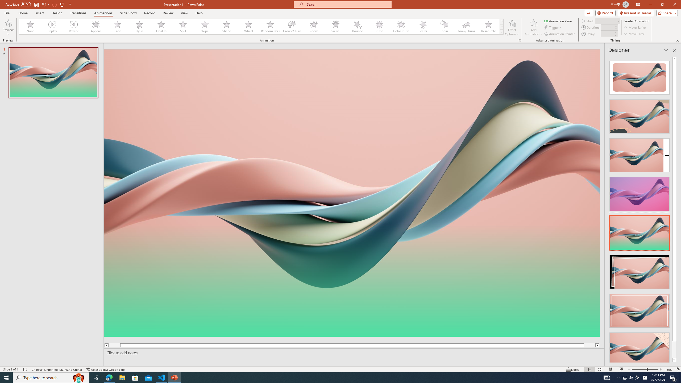 This screenshot has height=383, width=681. What do you see at coordinates (379, 26) in the screenshot?
I see `'Pulse'` at bounding box center [379, 26].